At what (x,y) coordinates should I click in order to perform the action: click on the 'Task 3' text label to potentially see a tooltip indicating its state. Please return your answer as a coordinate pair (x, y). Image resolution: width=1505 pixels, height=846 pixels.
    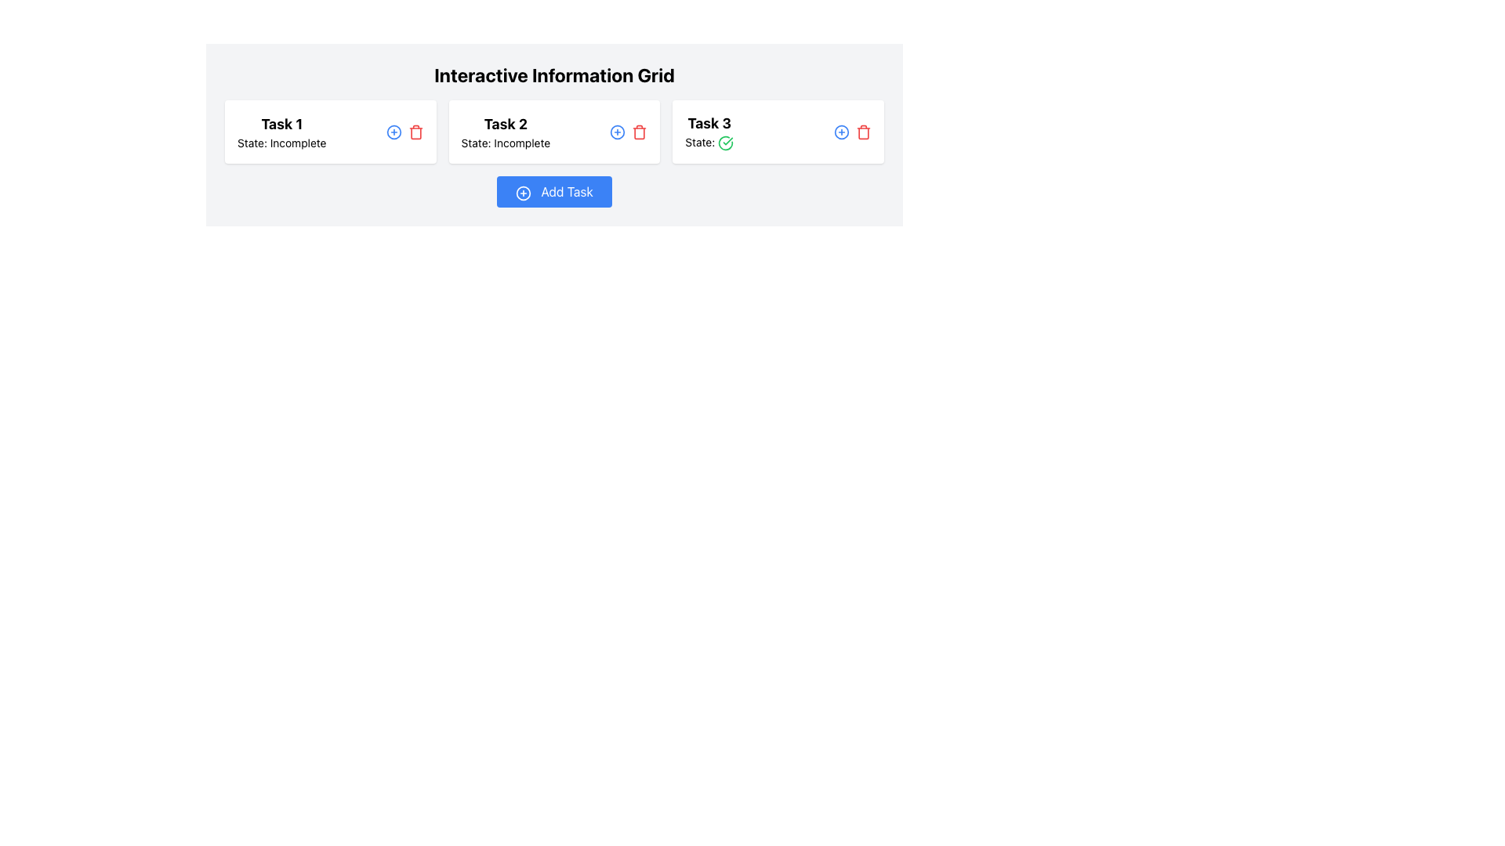
    Looking at the image, I should click on (709, 131).